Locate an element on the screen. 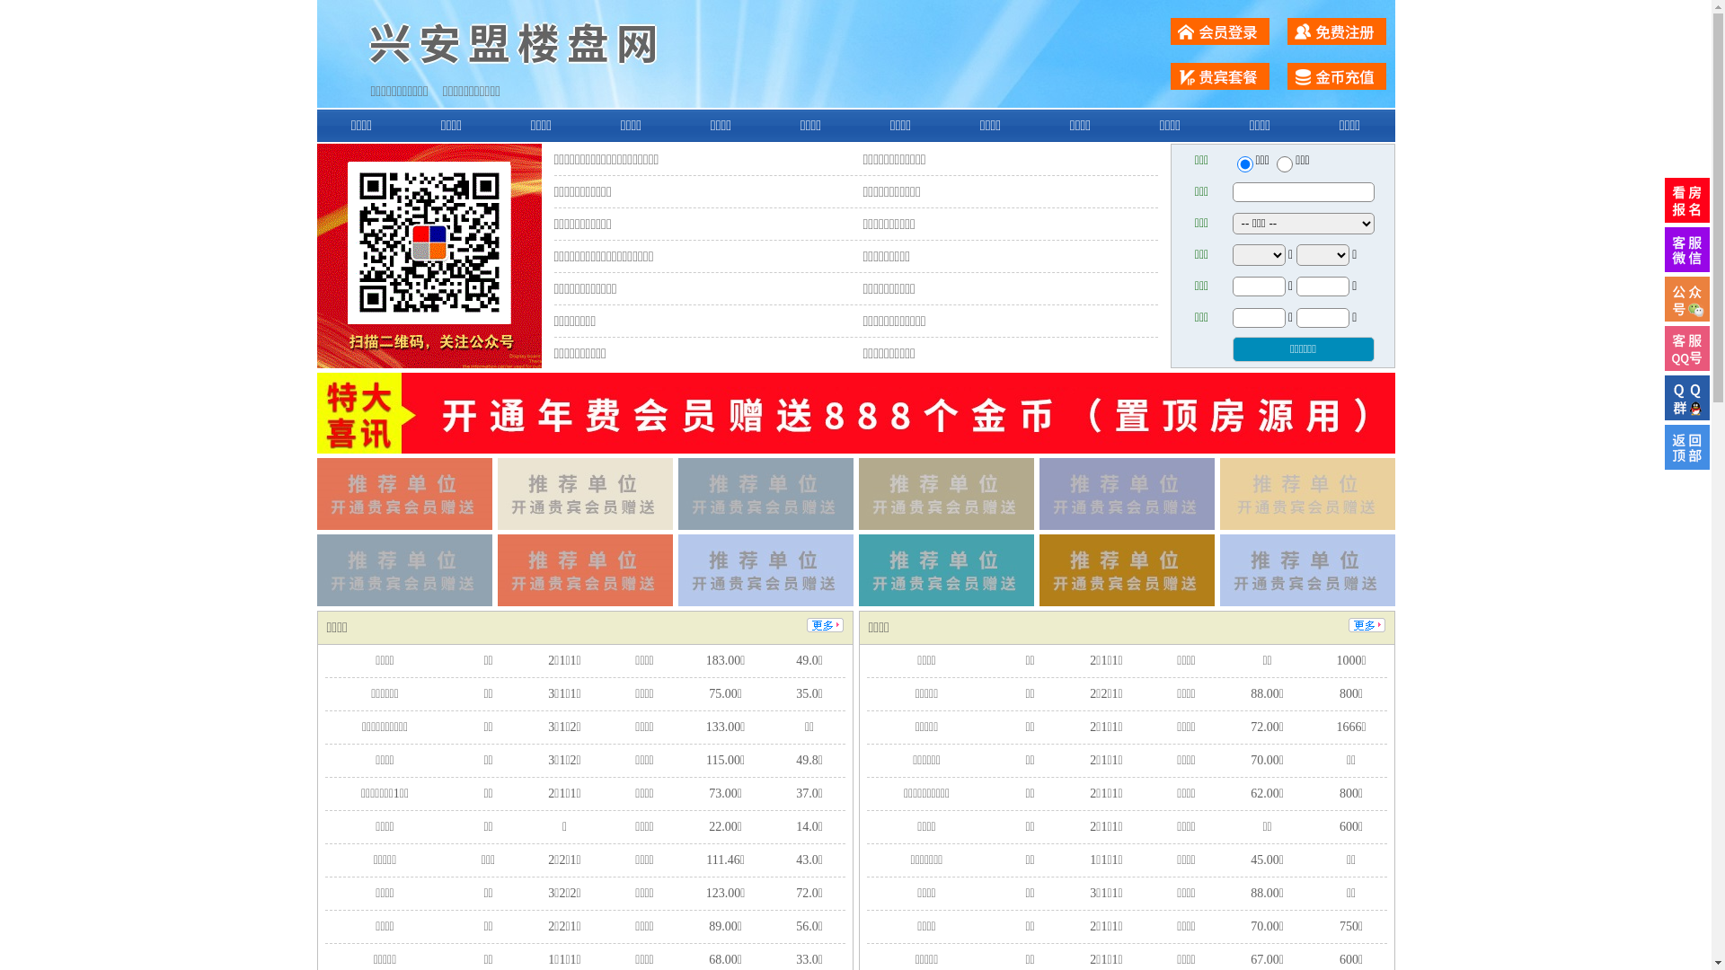 The height and width of the screenshot is (970, 1725). 'ershou' is located at coordinates (1243, 163).